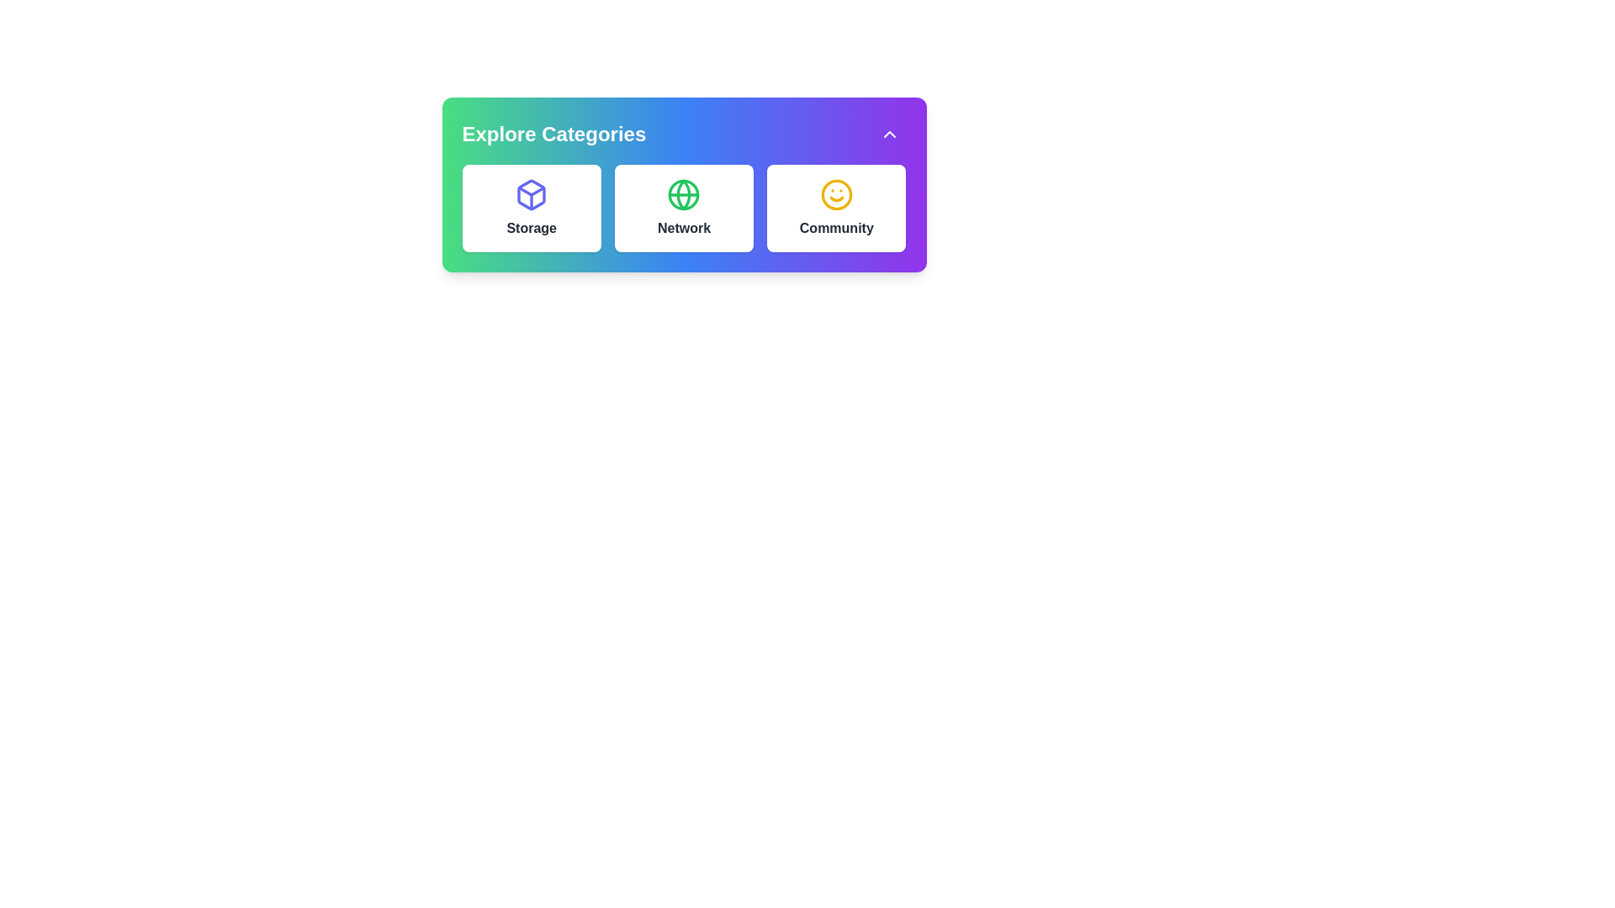  I want to click on the collapse button on the right side of the 'Explore Categories' section, so click(888, 133).